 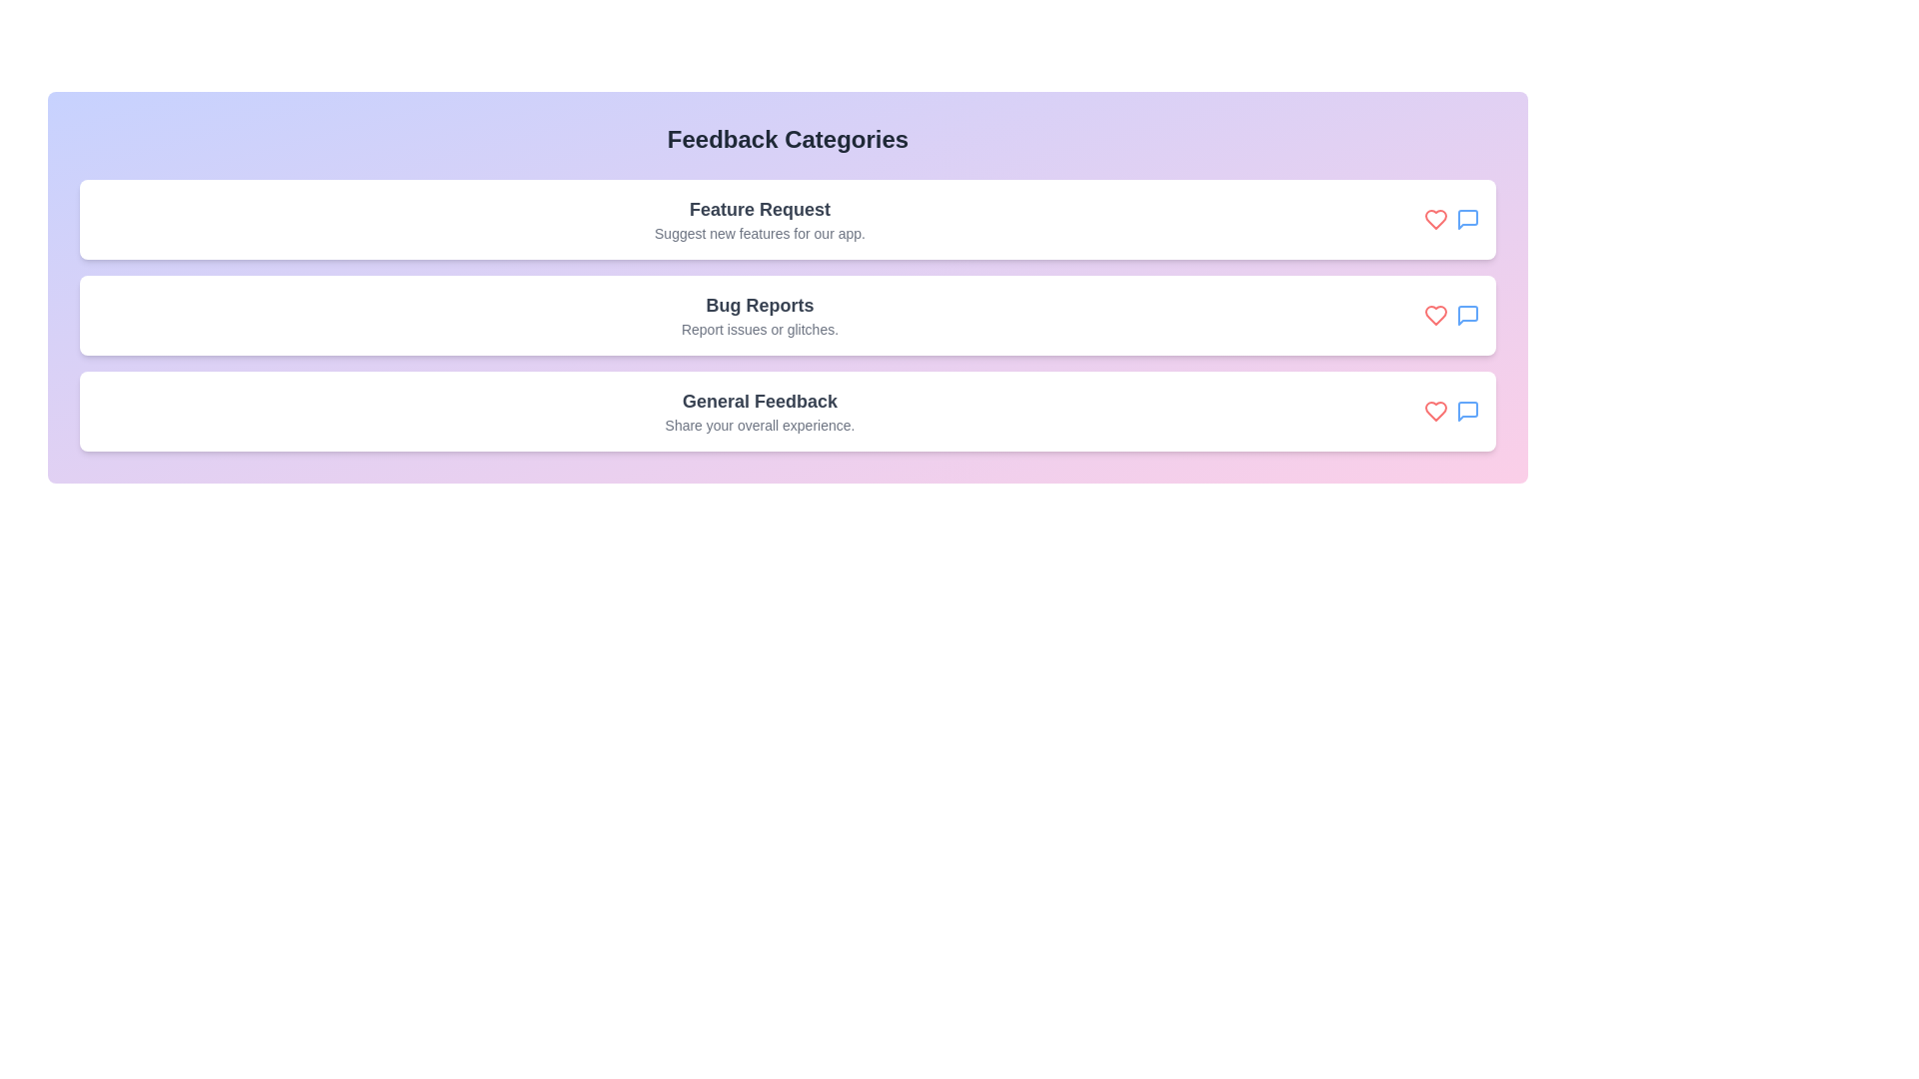 What do you see at coordinates (1467, 411) in the screenshot?
I see `the message icon in the General Feedback feedback item` at bounding box center [1467, 411].